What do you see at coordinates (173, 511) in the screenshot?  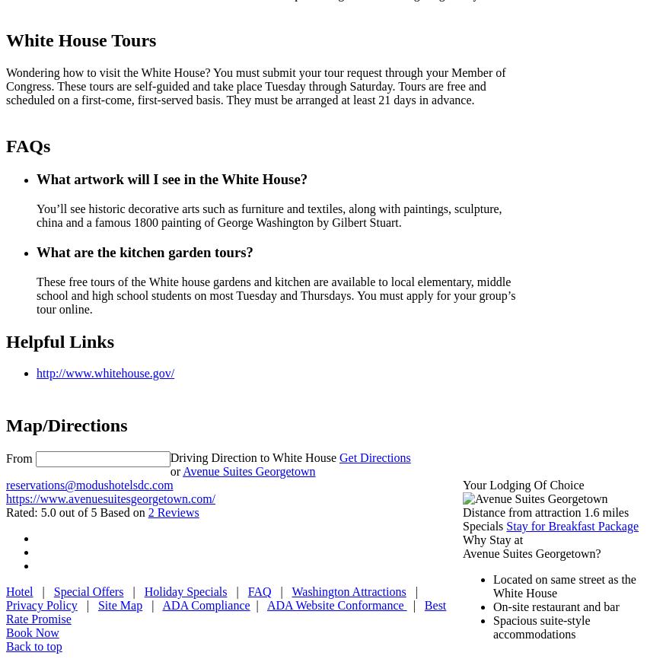 I see `'2 Reviews'` at bounding box center [173, 511].